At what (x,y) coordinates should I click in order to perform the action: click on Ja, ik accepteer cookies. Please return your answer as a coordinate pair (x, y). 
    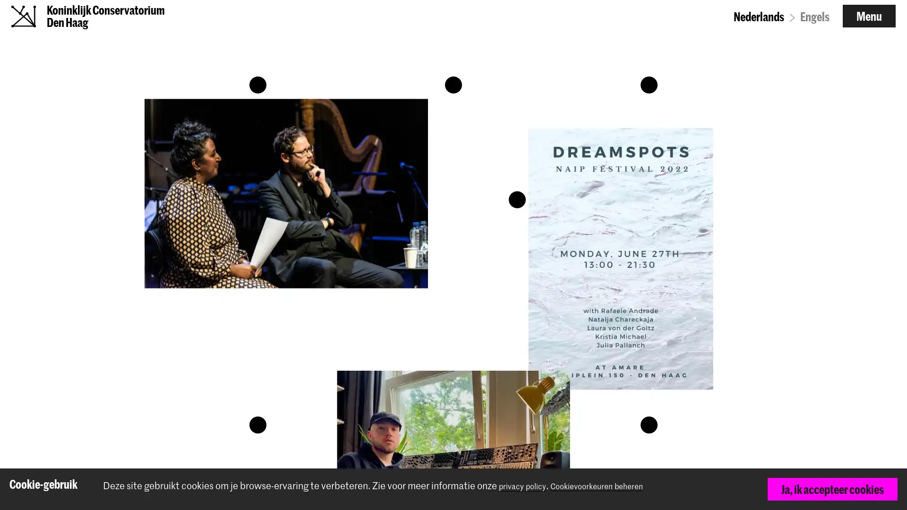
    Looking at the image, I should click on (832, 489).